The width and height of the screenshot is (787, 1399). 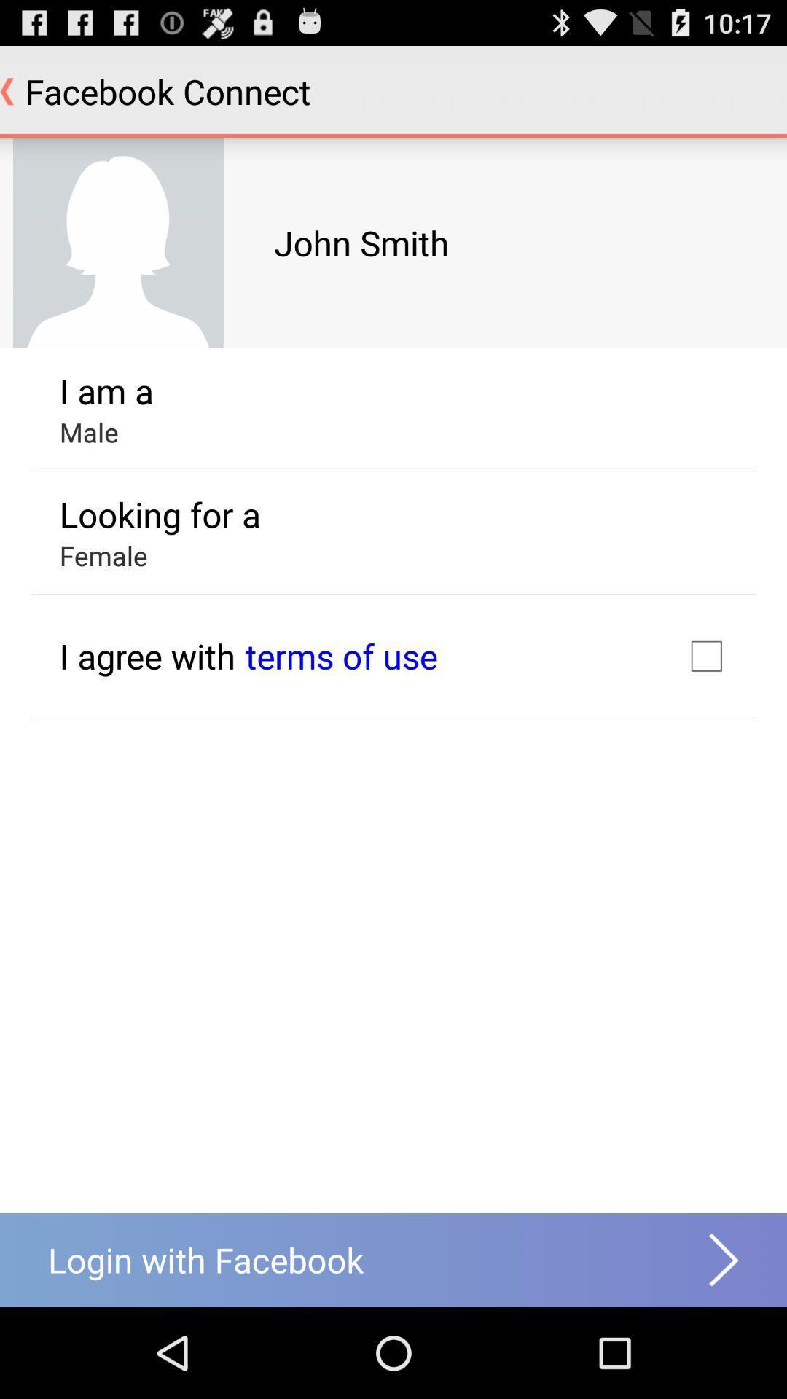 I want to click on item below the female app, so click(x=147, y=655).